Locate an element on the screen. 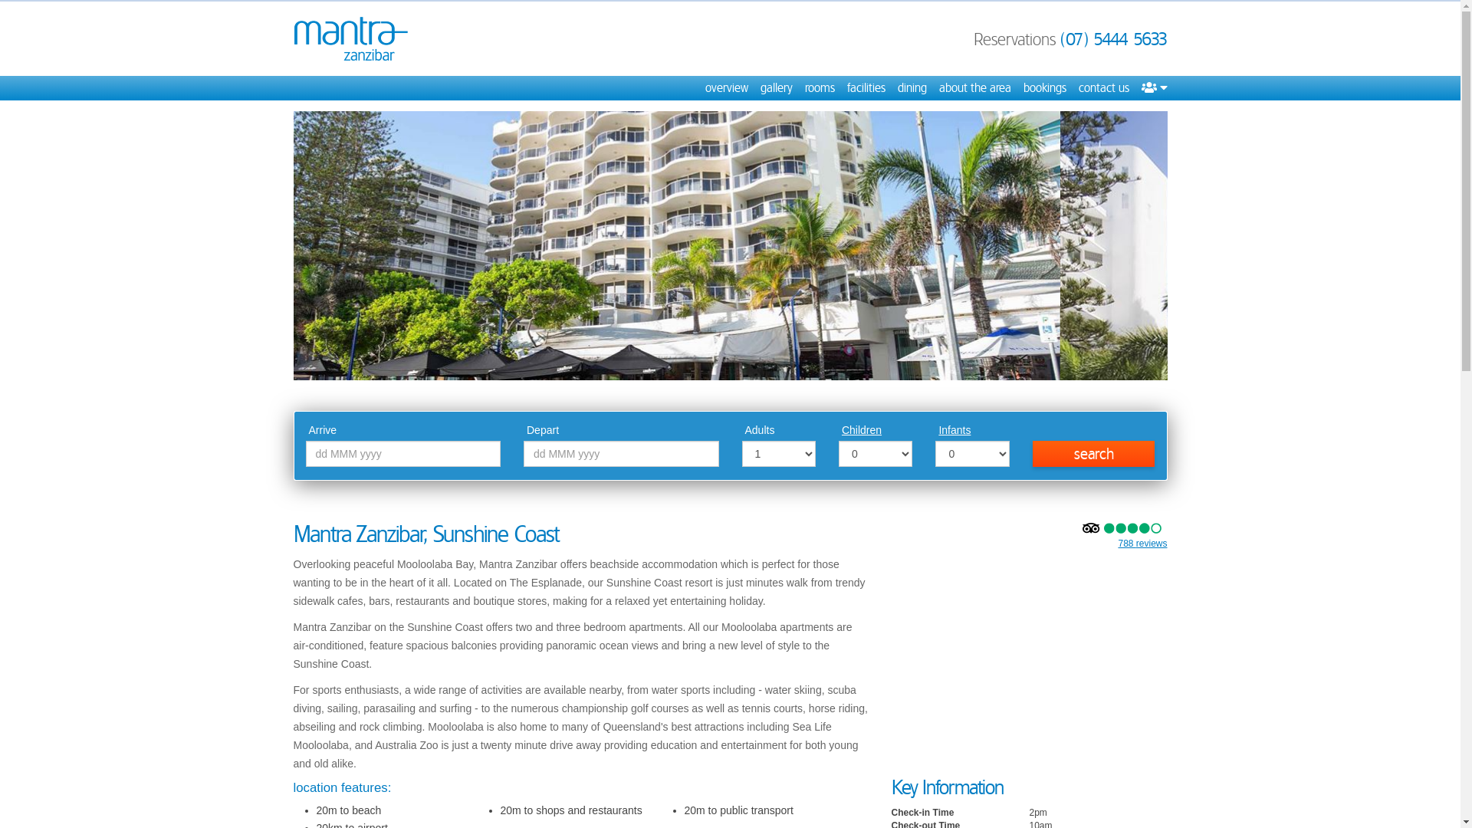 The width and height of the screenshot is (1472, 828). 'search' is located at coordinates (1033, 452).